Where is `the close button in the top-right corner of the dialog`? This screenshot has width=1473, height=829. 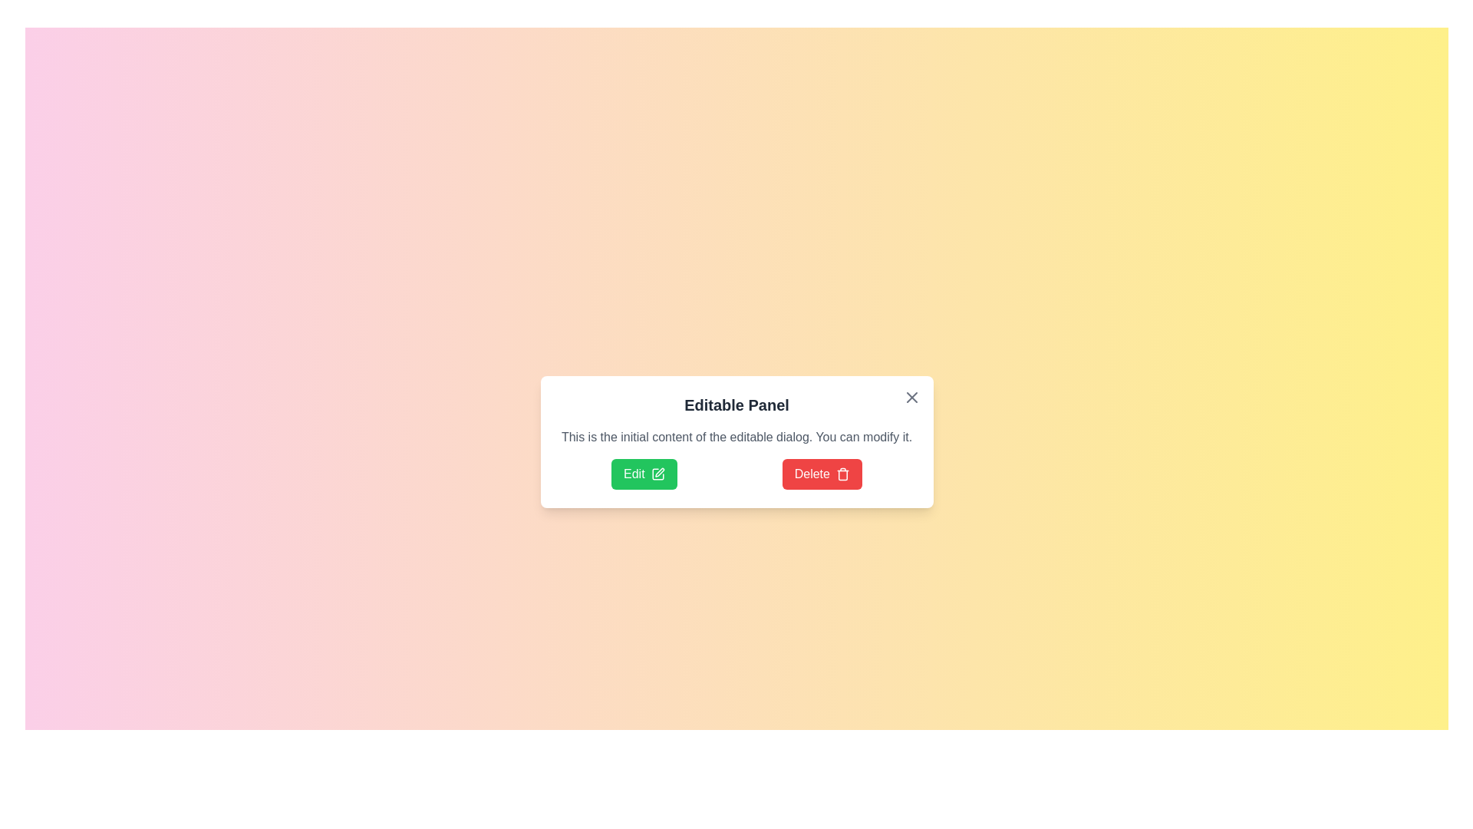
the close button in the top-right corner of the dialog is located at coordinates (911, 396).